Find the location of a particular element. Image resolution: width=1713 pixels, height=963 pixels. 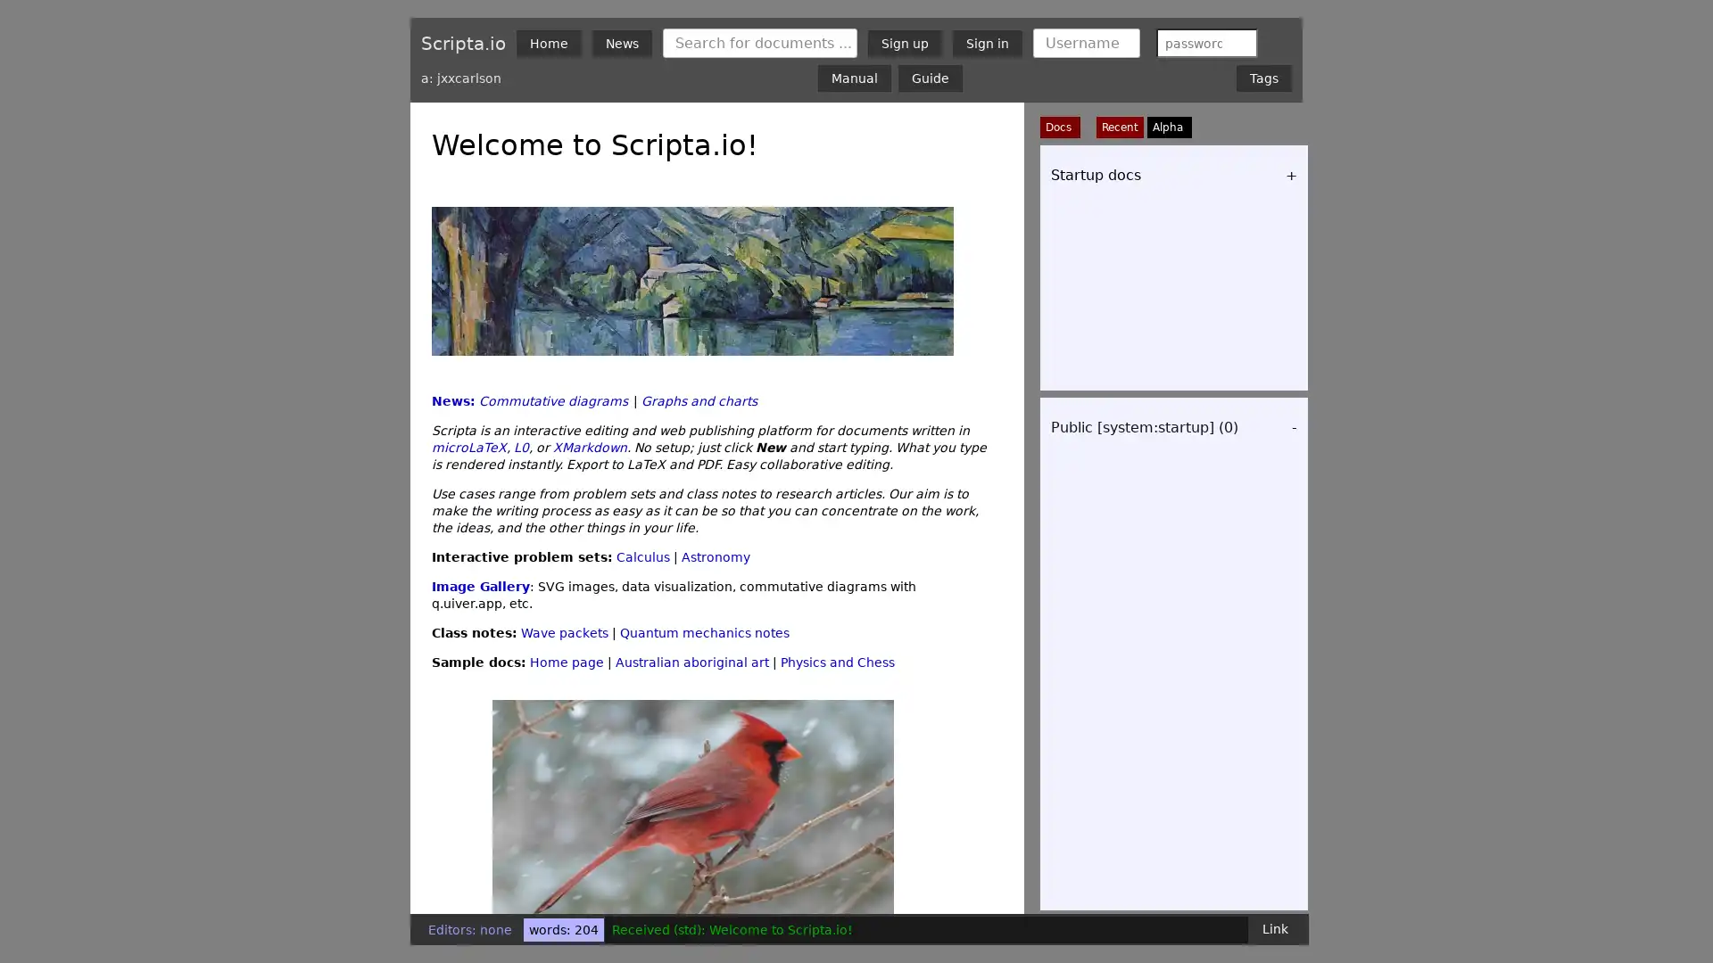

Docs is located at coordinates (1060, 126).